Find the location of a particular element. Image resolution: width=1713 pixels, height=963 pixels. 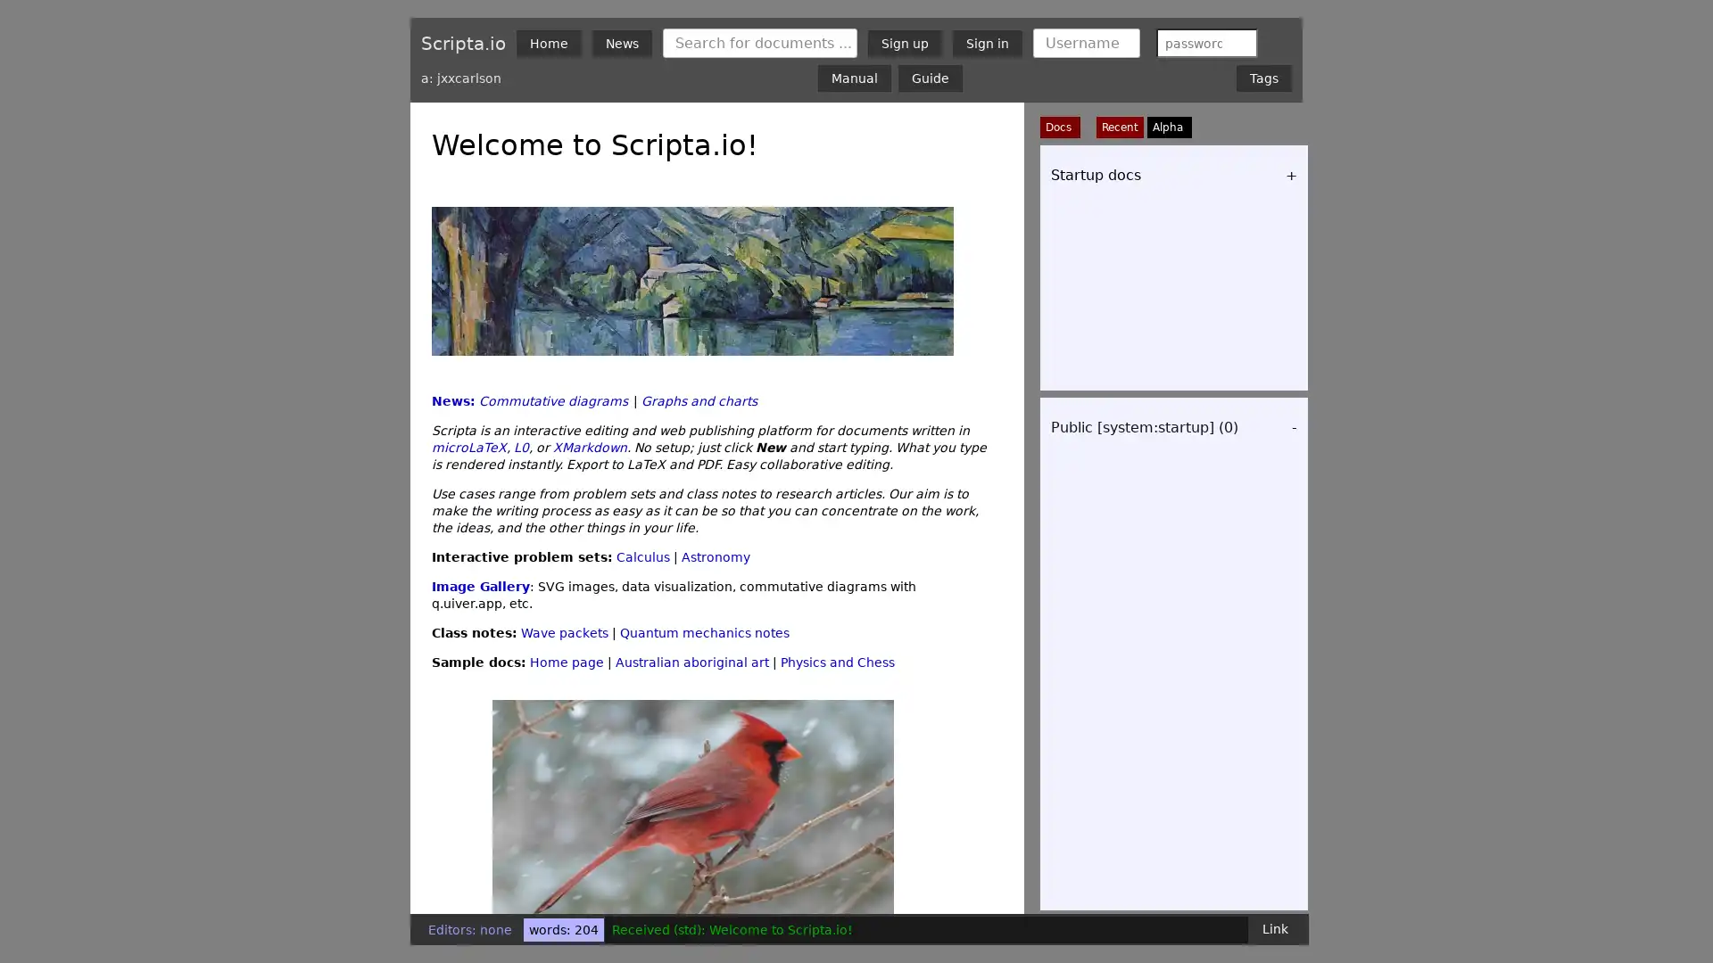

Docs is located at coordinates (1060, 126).